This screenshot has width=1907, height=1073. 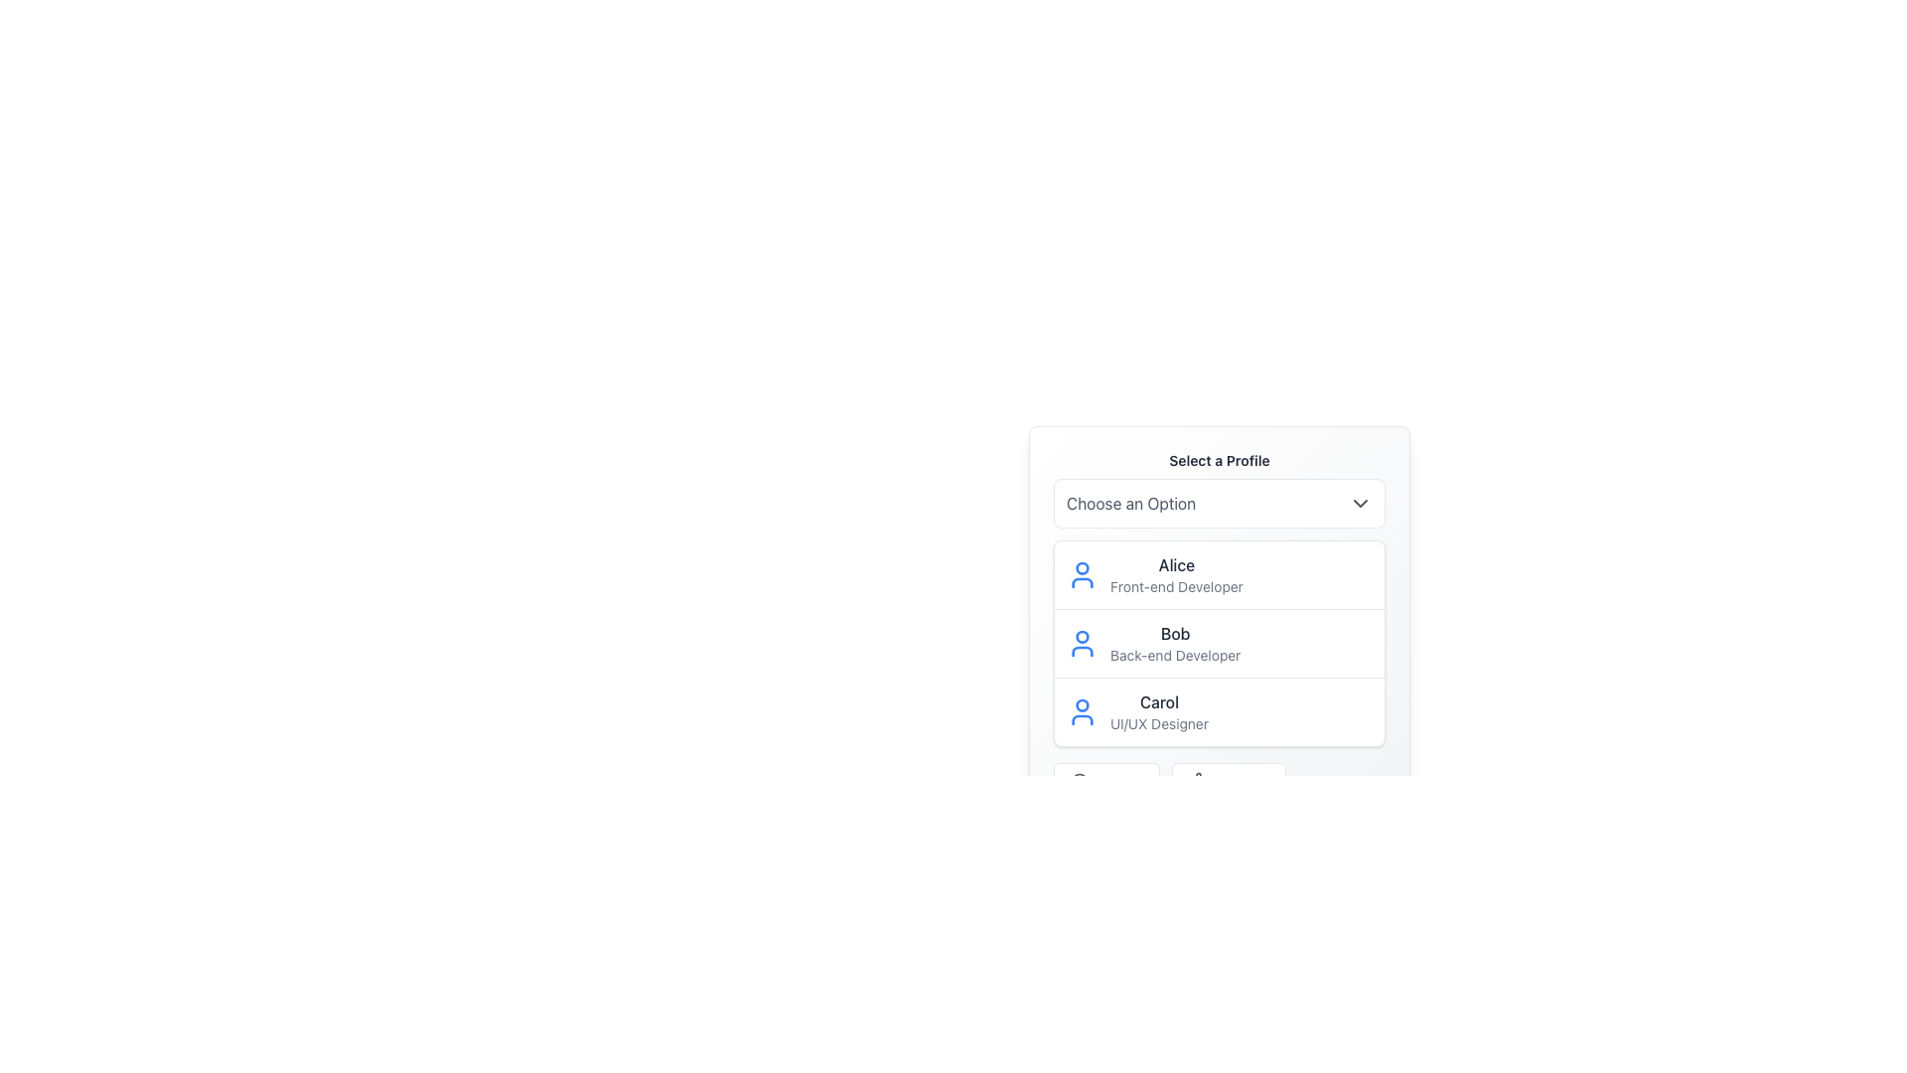 What do you see at coordinates (1219, 502) in the screenshot?
I see `the rectangular dropdown menu labeled 'Choose an Option'` at bounding box center [1219, 502].